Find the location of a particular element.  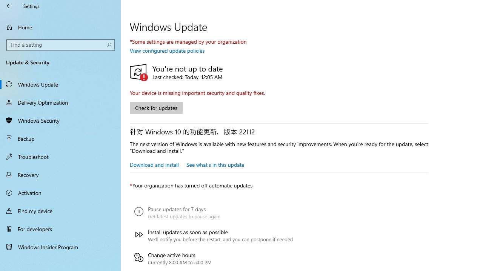

'Home' is located at coordinates (60, 27).